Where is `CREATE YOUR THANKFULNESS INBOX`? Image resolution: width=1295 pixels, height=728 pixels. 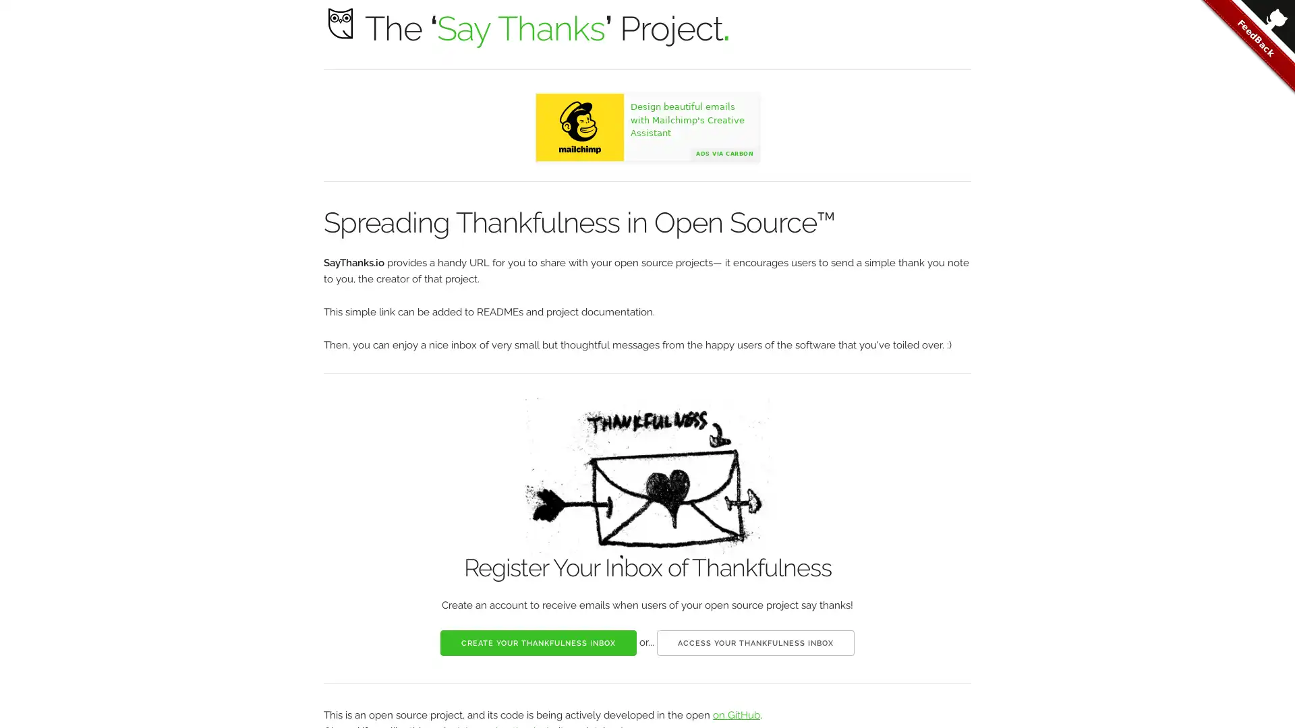 CREATE YOUR THANKFULNESS INBOX is located at coordinates (538, 641).